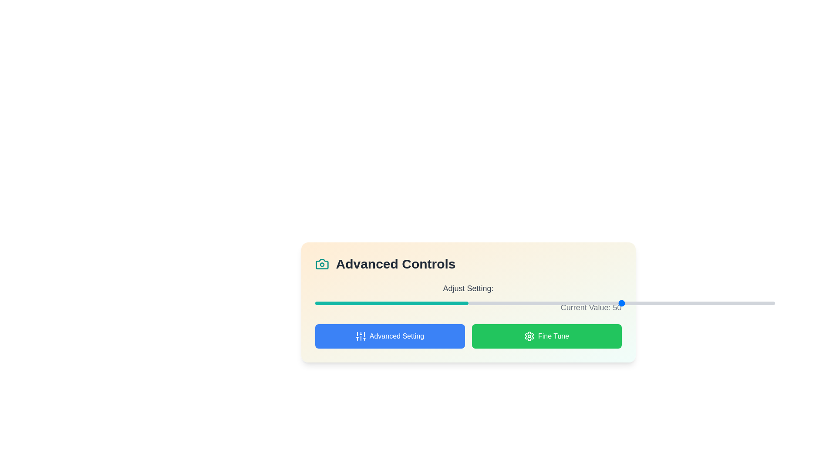  I want to click on the slider, so click(400, 301).